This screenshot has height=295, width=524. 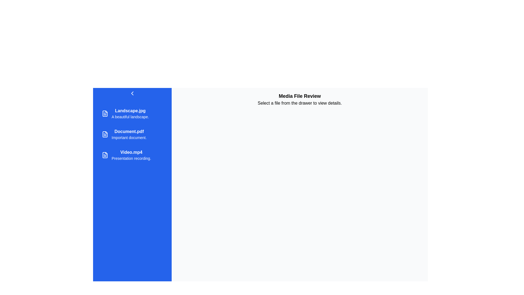 I want to click on the first list item labeled 'Landscape.jpg' with the description 'A beautiful landscape.', so click(x=130, y=113).